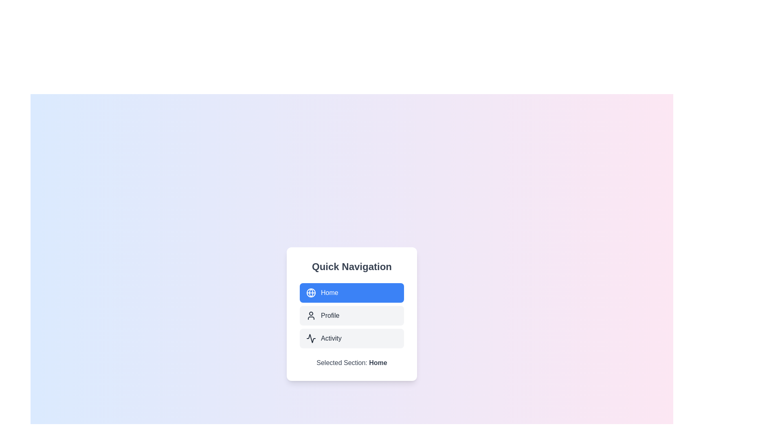 The width and height of the screenshot is (782, 440). I want to click on the text label indicating the currently selected section located at the bottom of the 'Quick Navigation' panel, so click(352, 363).